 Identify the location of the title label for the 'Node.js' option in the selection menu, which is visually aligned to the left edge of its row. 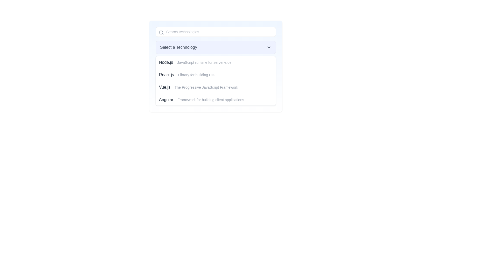
(166, 62).